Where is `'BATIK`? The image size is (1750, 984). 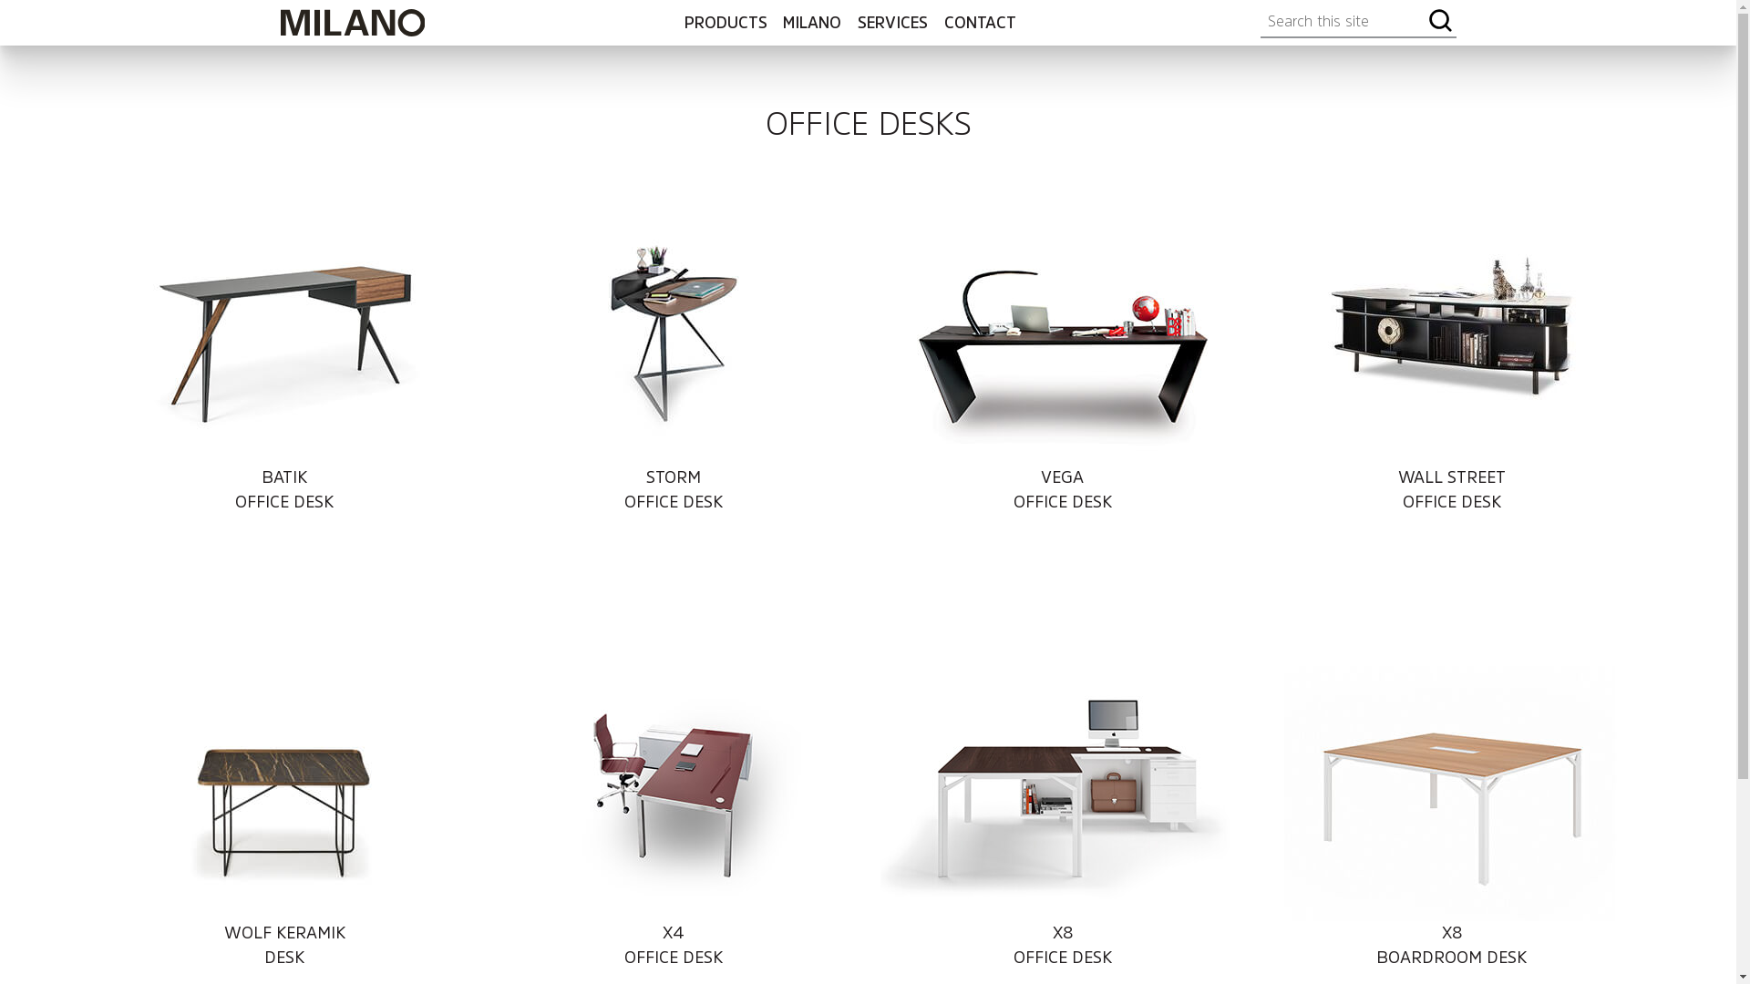
'BATIK is located at coordinates (100, 374).